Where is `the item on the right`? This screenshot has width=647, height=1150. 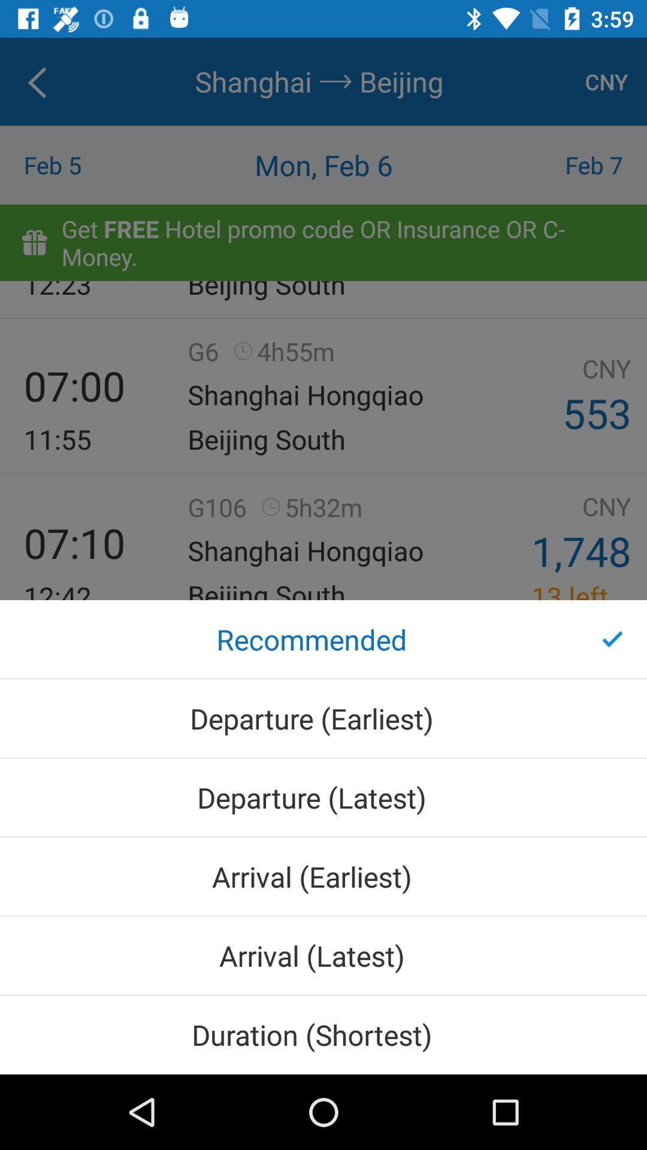
the item on the right is located at coordinates (612, 638).